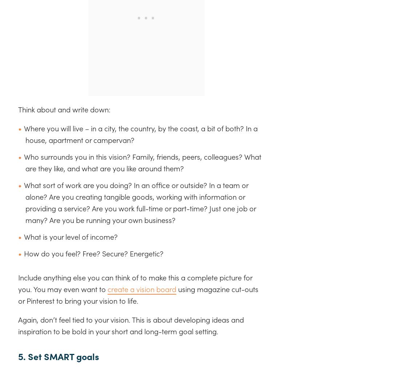 The width and height of the screenshot is (418, 371). Describe the element at coordinates (93, 253) in the screenshot. I see `'How do you feel? Free? Secure? Energetic?'` at that location.